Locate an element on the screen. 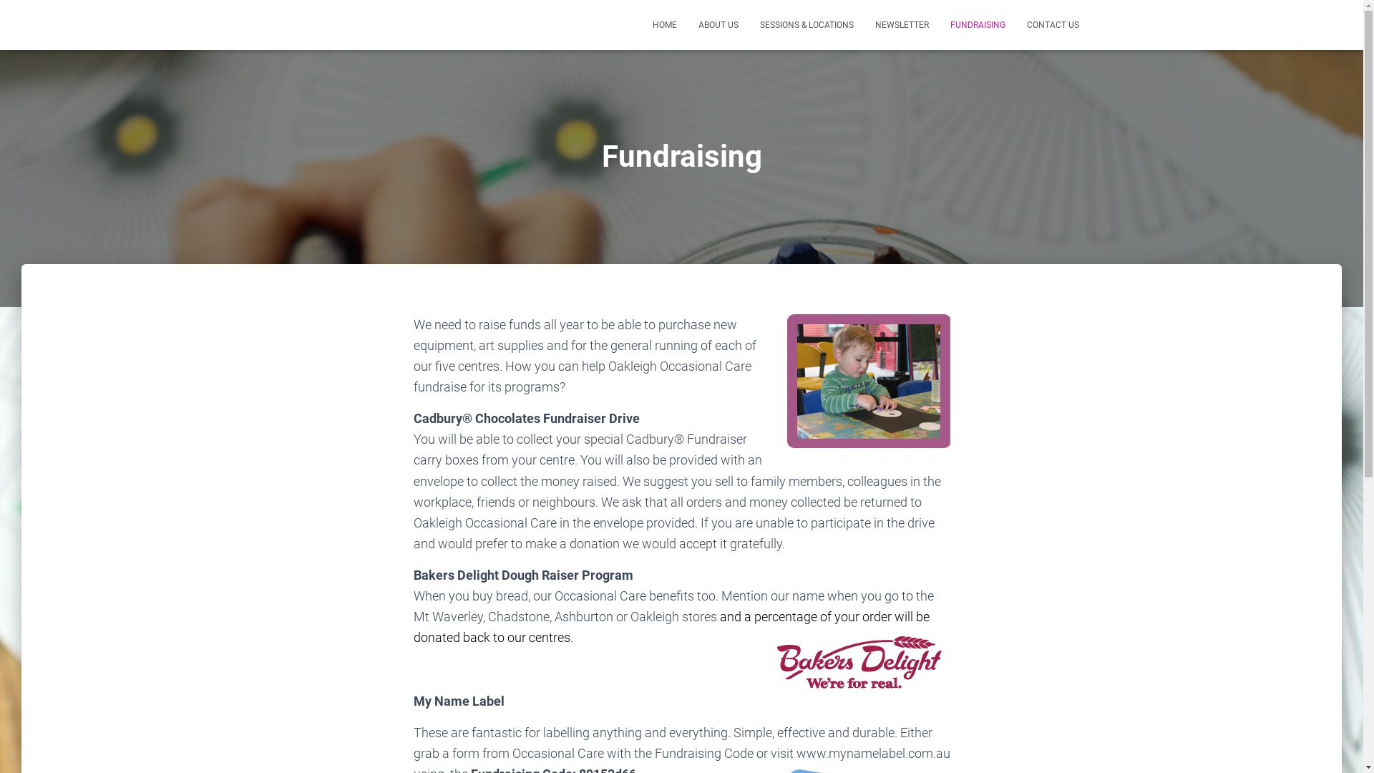 The image size is (1374, 773). 'bakersDelightlogo' is located at coordinates (861, 665).